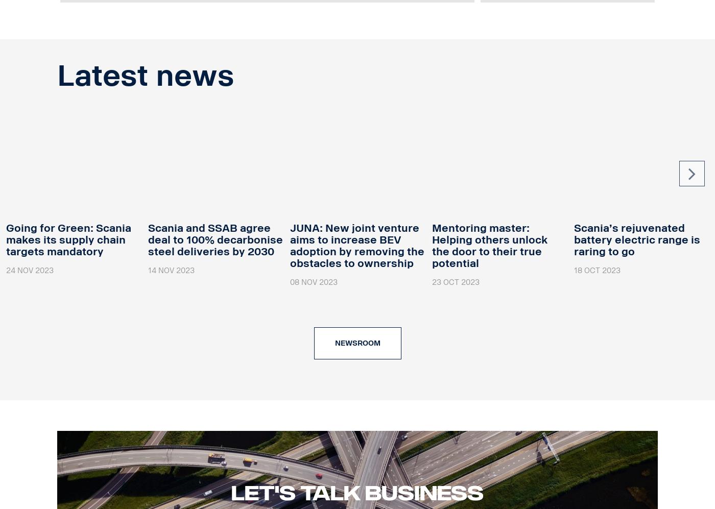 This screenshot has height=509, width=715. I want to click on 'Scania’s rejuvenated battery electric range is raring to go', so click(637, 239).